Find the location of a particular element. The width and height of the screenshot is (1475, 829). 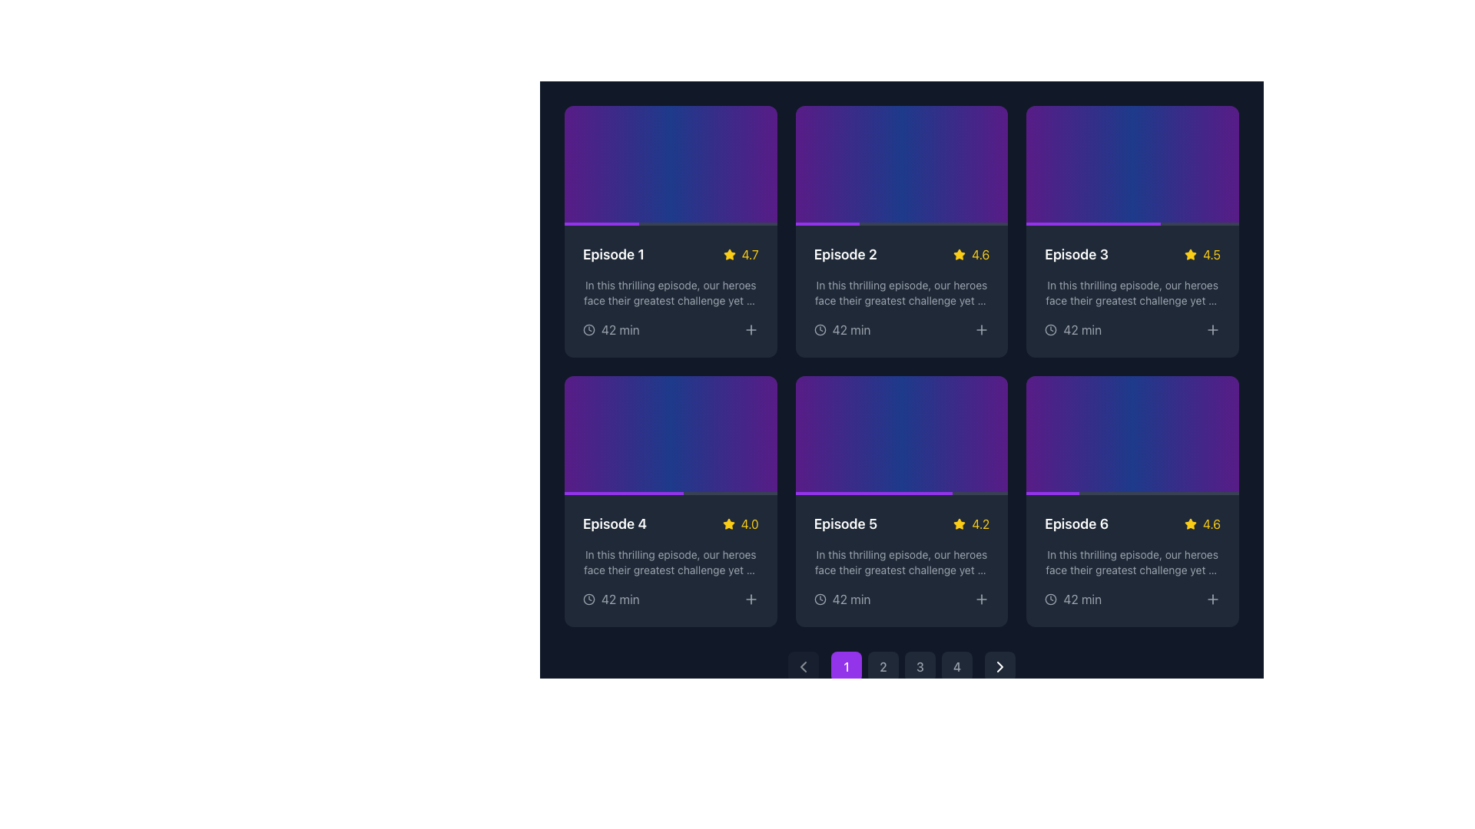

the yellow star-shaped icon used for ratings, which is located next to the numerical rating text '4.5' in the third card of the top row is located at coordinates (1190, 253).